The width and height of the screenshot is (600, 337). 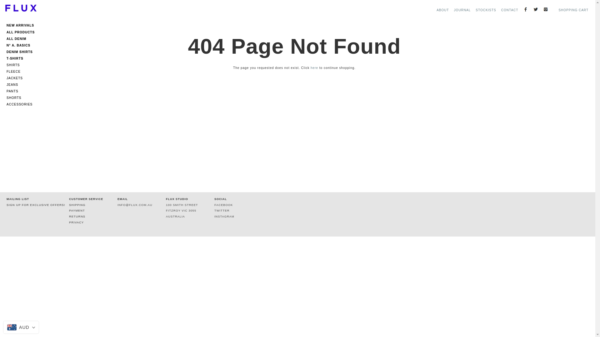 I want to click on 'CONTACT', so click(x=501, y=10).